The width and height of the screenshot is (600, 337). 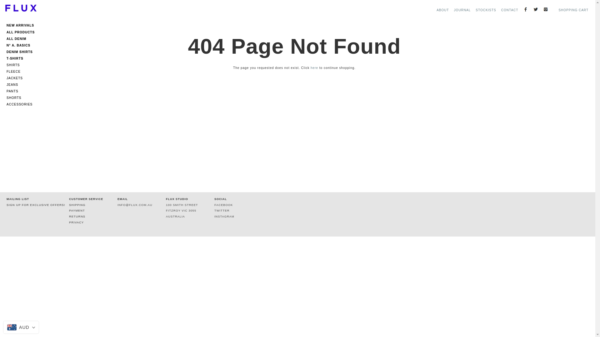 I want to click on 'CONTACT', so click(x=501, y=10).